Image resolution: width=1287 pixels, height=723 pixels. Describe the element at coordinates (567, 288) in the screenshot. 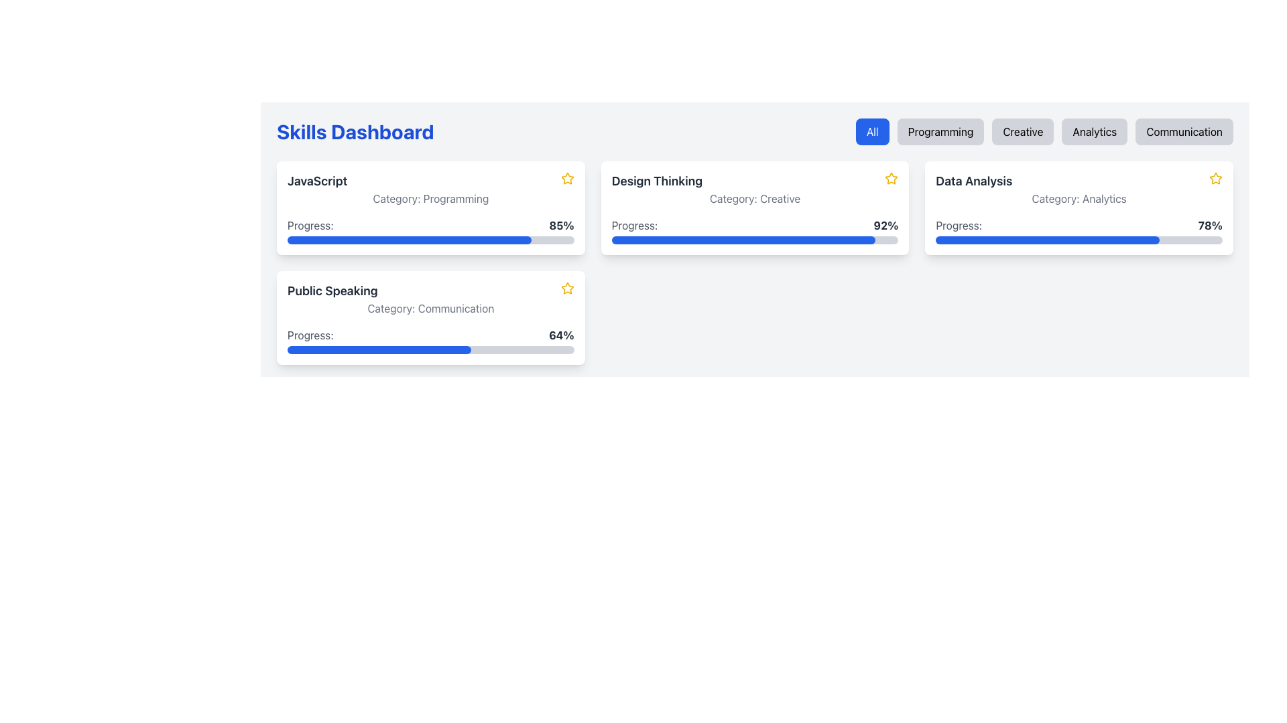

I see `the star icon representing the favorite status for the 'Public Speaking' category` at that location.